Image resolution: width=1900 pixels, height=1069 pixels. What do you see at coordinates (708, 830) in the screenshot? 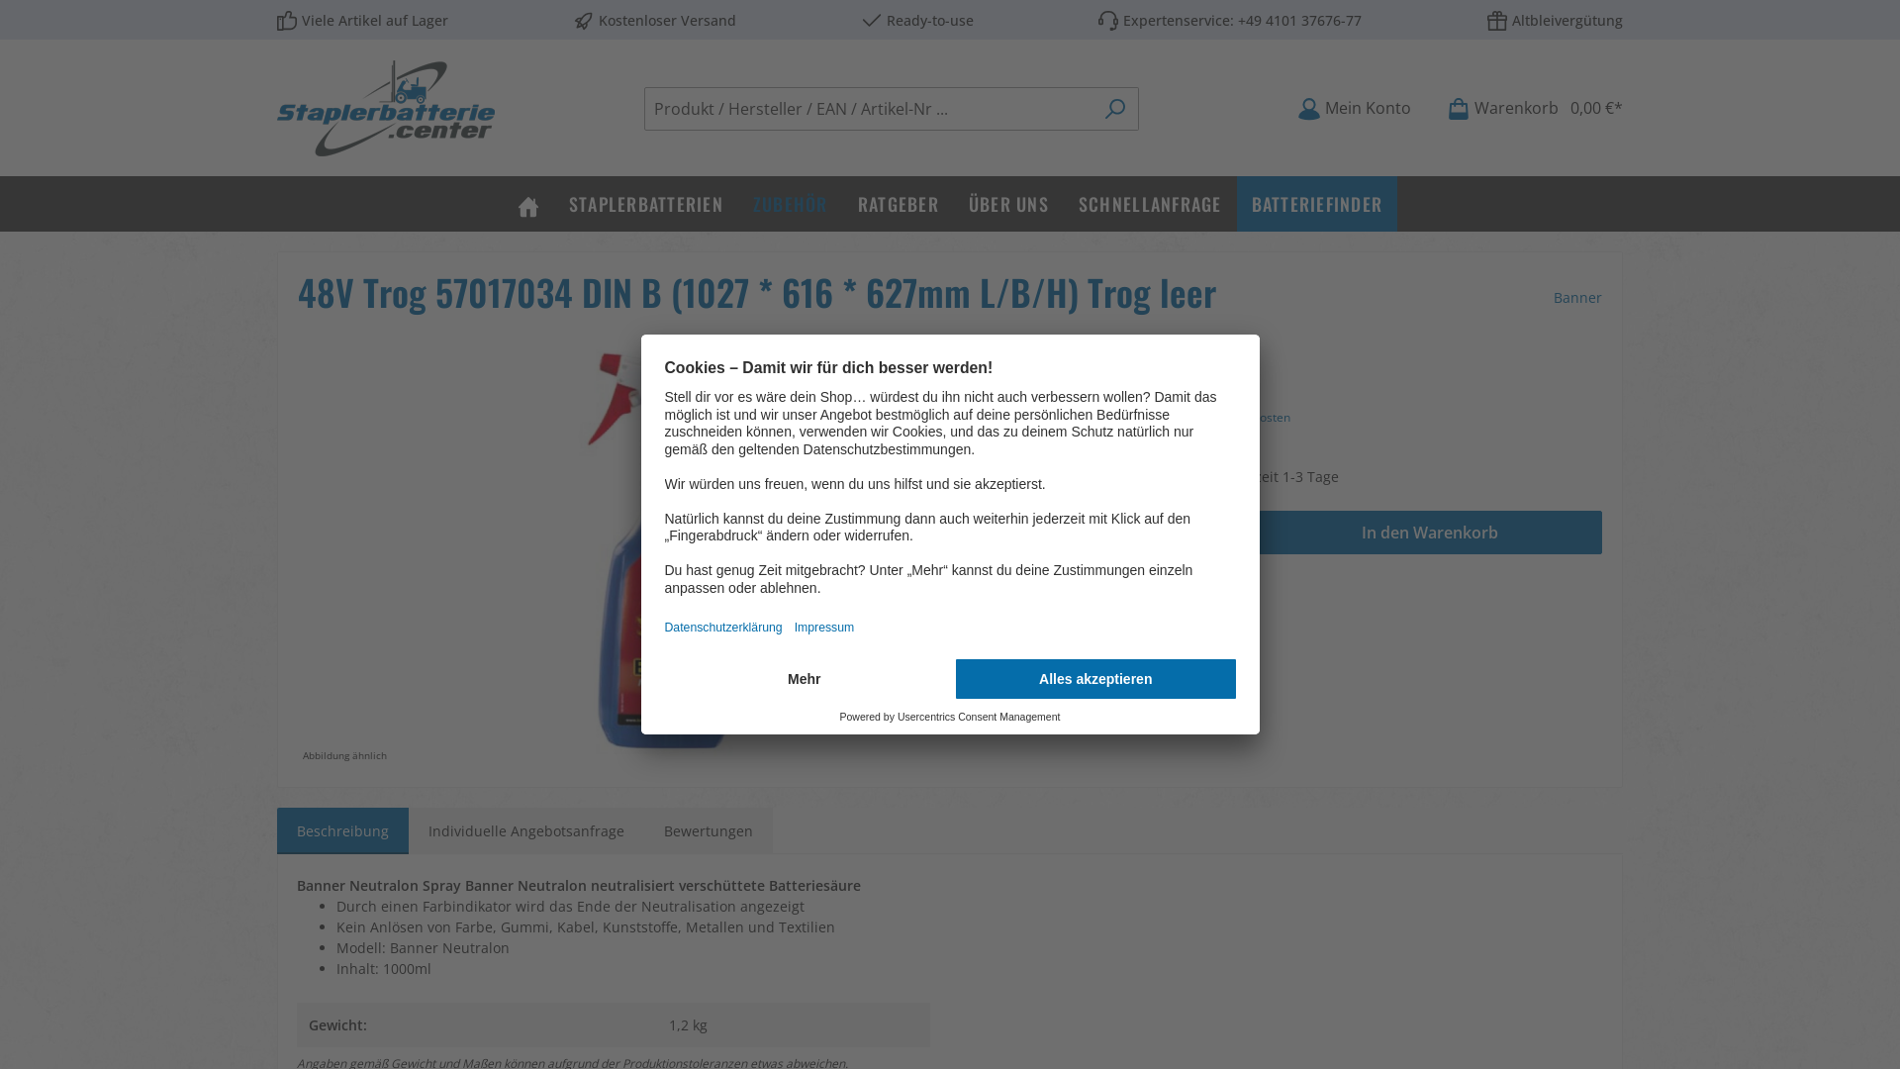
I see `'Bewertungen'` at bounding box center [708, 830].